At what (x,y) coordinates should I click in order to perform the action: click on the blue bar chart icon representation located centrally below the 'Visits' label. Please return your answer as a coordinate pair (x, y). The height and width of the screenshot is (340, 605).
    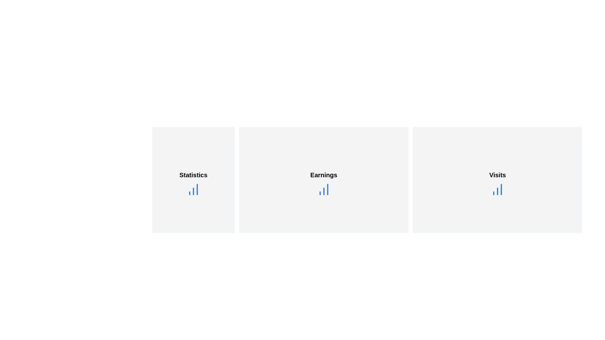
    Looking at the image, I should click on (497, 189).